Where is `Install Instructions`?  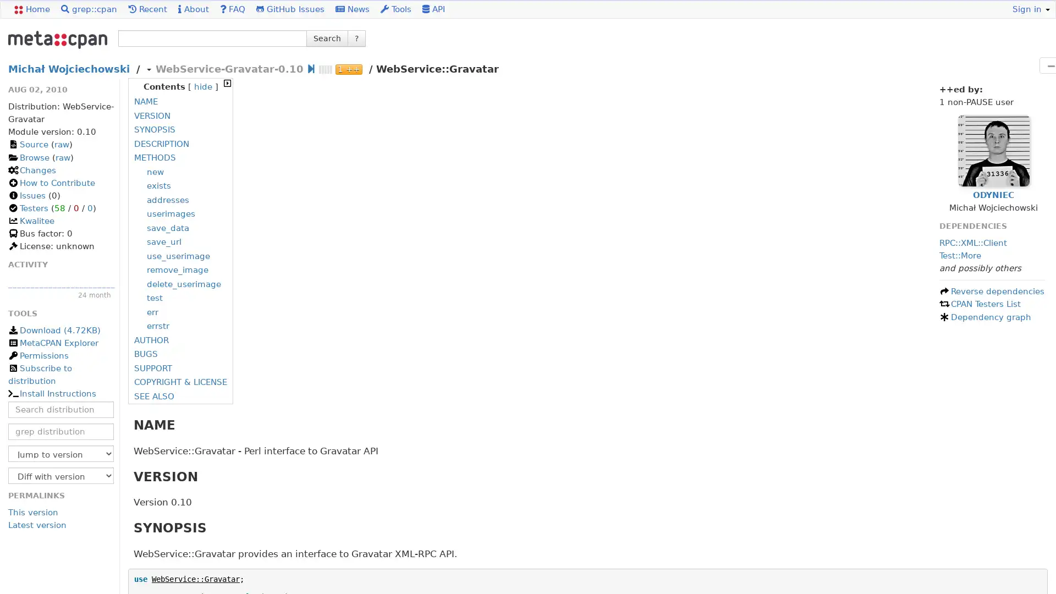
Install Instructions is located at coordinates (51, 393).